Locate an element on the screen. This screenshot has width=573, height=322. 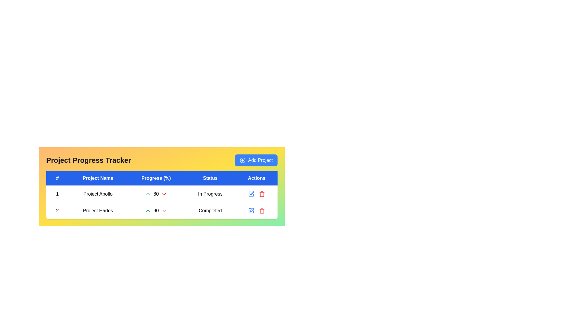
the 'Project Name' table header cell, which is the second column in the table header, located between the '#' column and the 'Progress (%)' column is located at coordinates (98, 178).